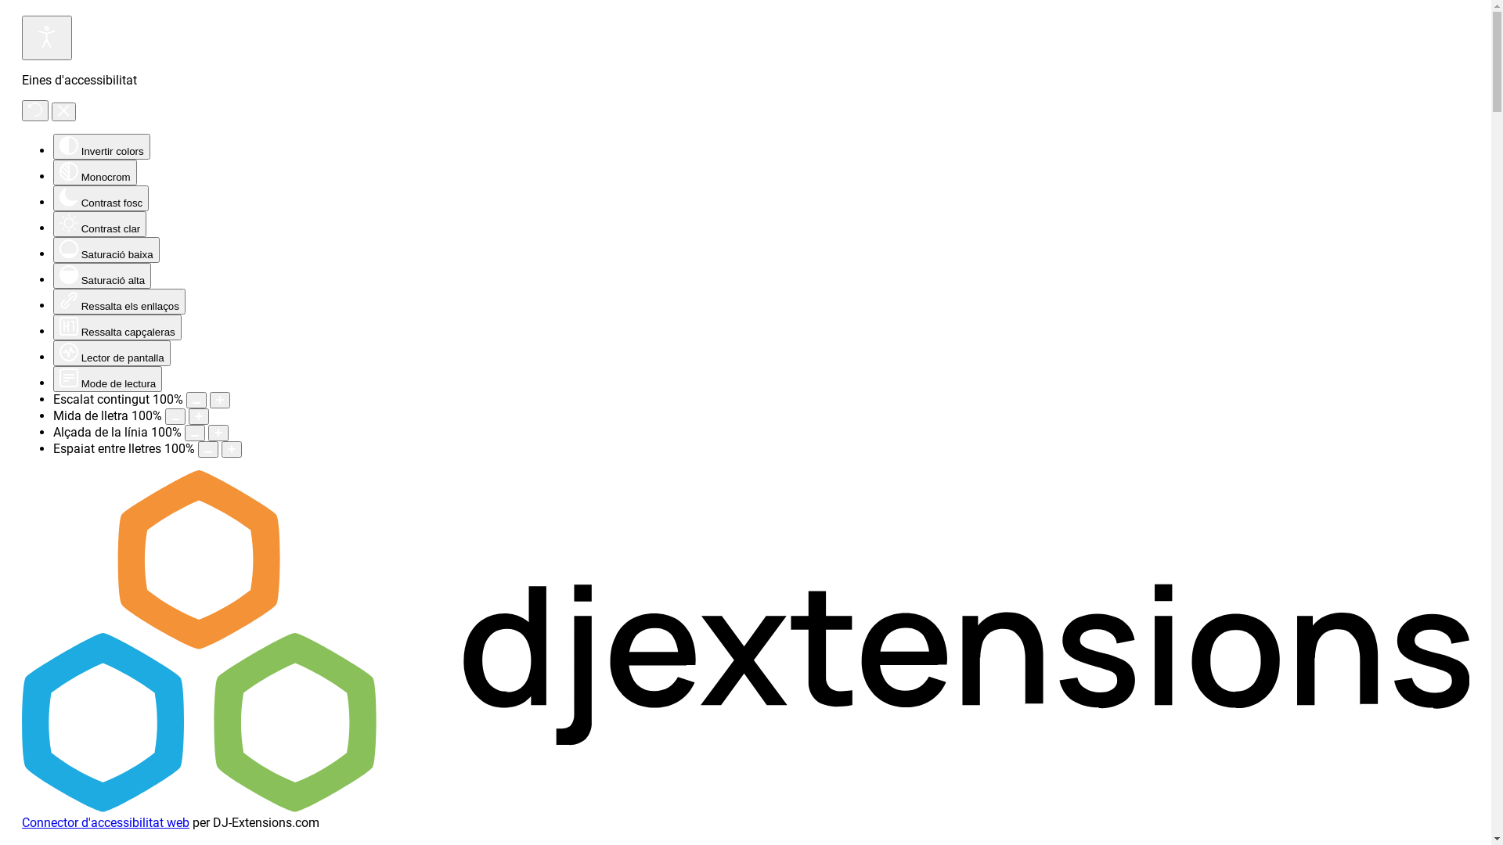  Describe the element at coordinates (198, 415) in the screenshot. I see `'Augmenta la mida de lletra'` at that location.